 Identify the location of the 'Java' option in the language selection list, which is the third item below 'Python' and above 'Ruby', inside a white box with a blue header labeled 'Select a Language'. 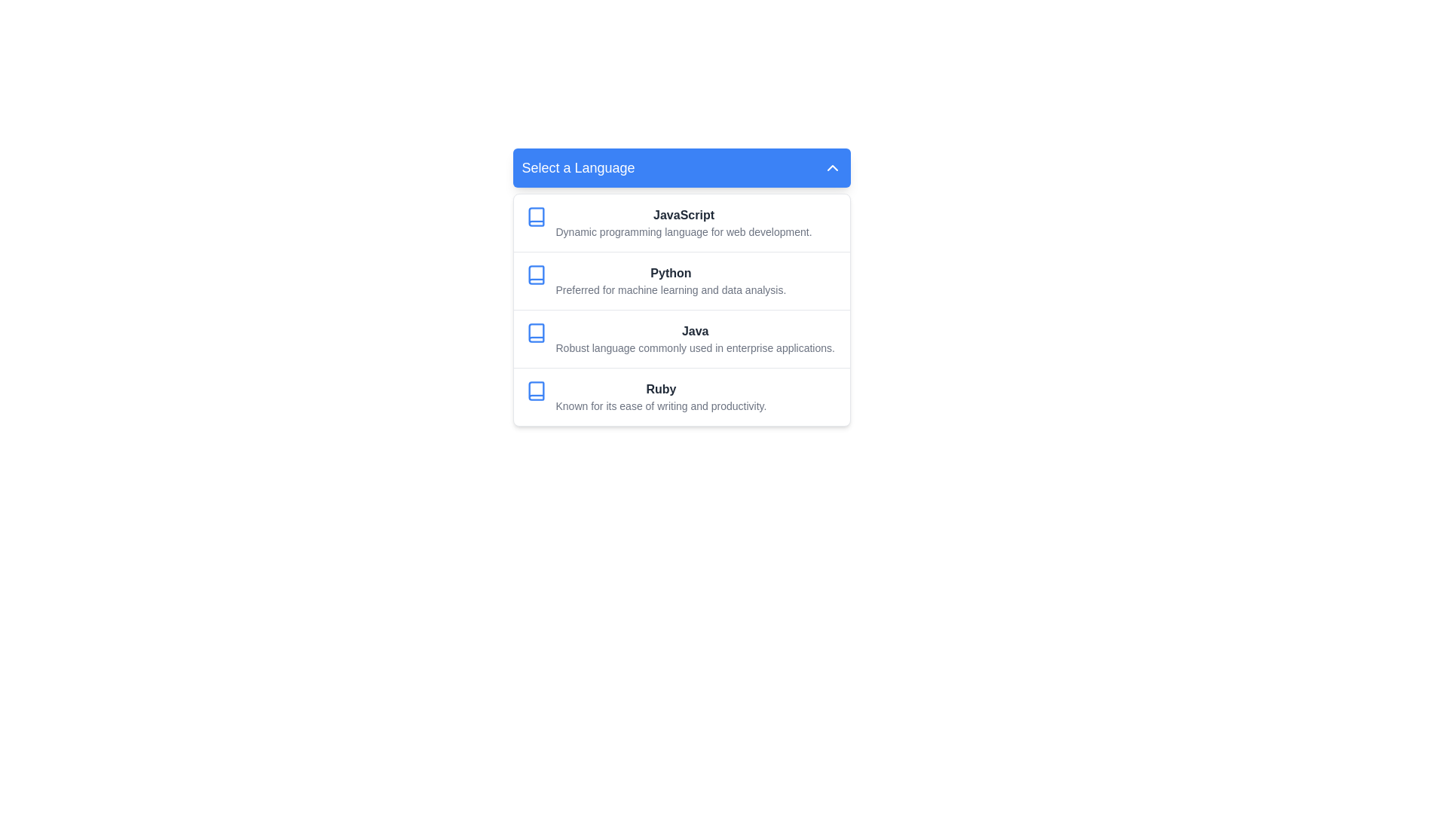
(681, 338).